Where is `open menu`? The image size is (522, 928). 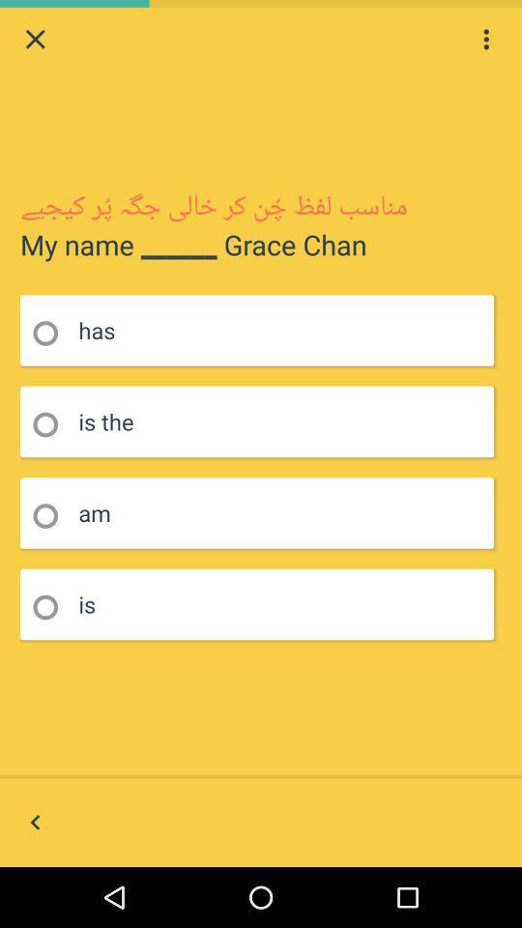
open menu is located at coordinates (485, 38).